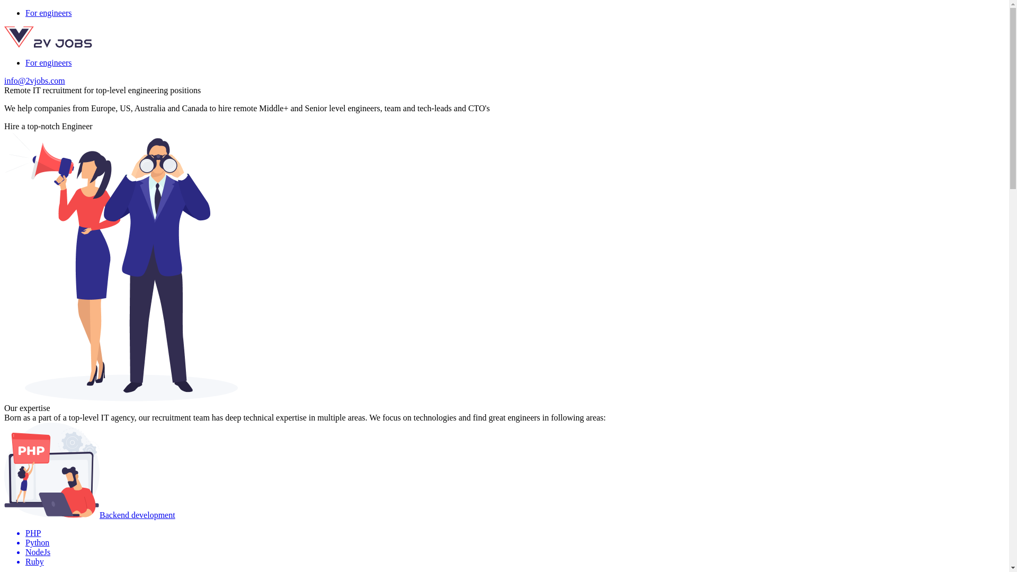  I want to click on 'info@2vjobs.com', so click(34, 80).